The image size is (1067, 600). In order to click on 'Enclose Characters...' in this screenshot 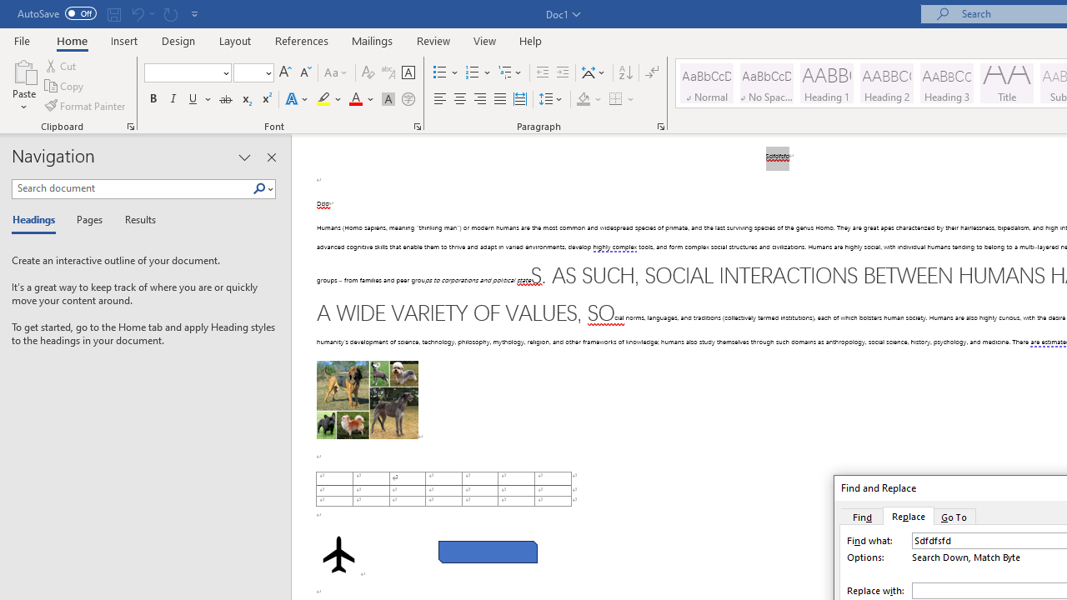, I will do `click(408, 99)`.